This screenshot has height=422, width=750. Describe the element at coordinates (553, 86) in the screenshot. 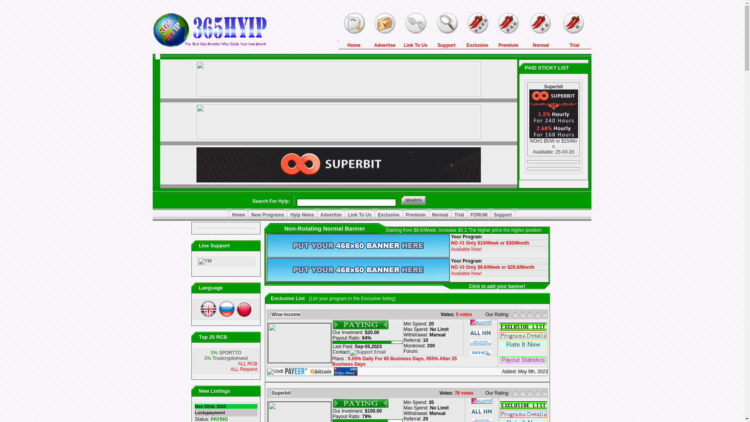

I see `'Superbit'` at that location.